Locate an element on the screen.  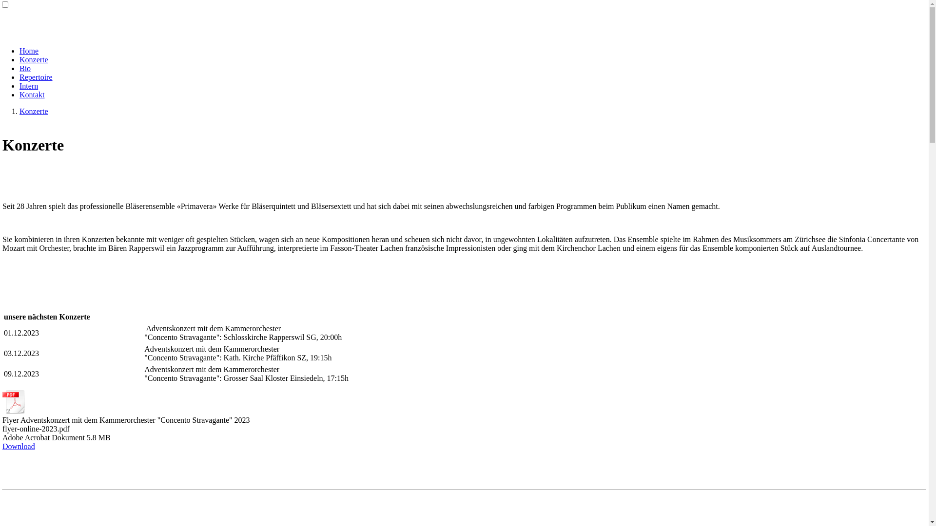
'Intern' is located at coordinates (28, 85).